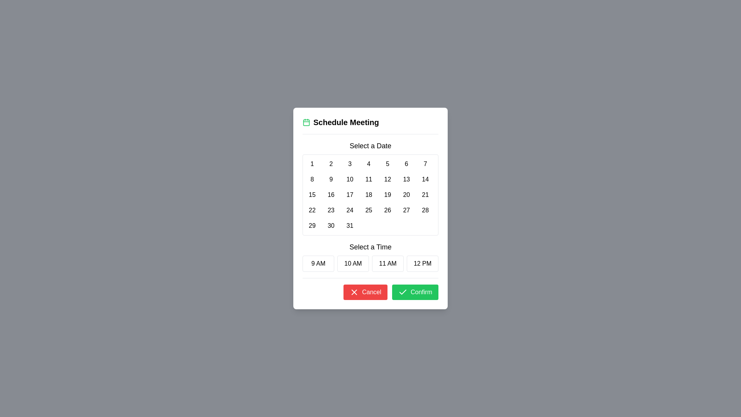  I want to click on the button displaying the number '2' in the date selection grid, so click(331, 163).